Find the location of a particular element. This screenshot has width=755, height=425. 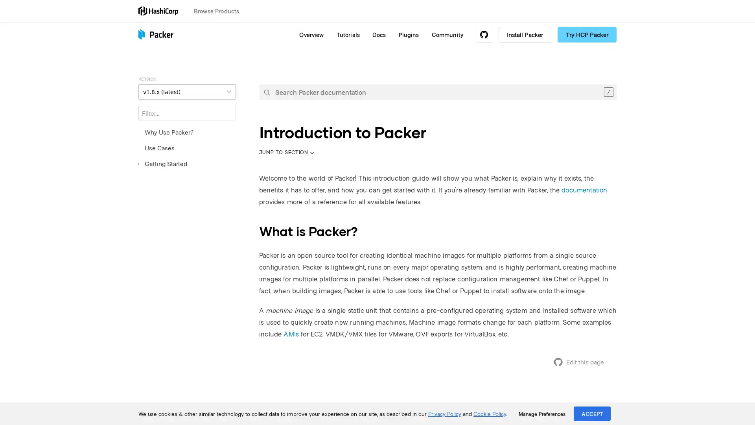

VERSION is located at coordinates (186, 91).